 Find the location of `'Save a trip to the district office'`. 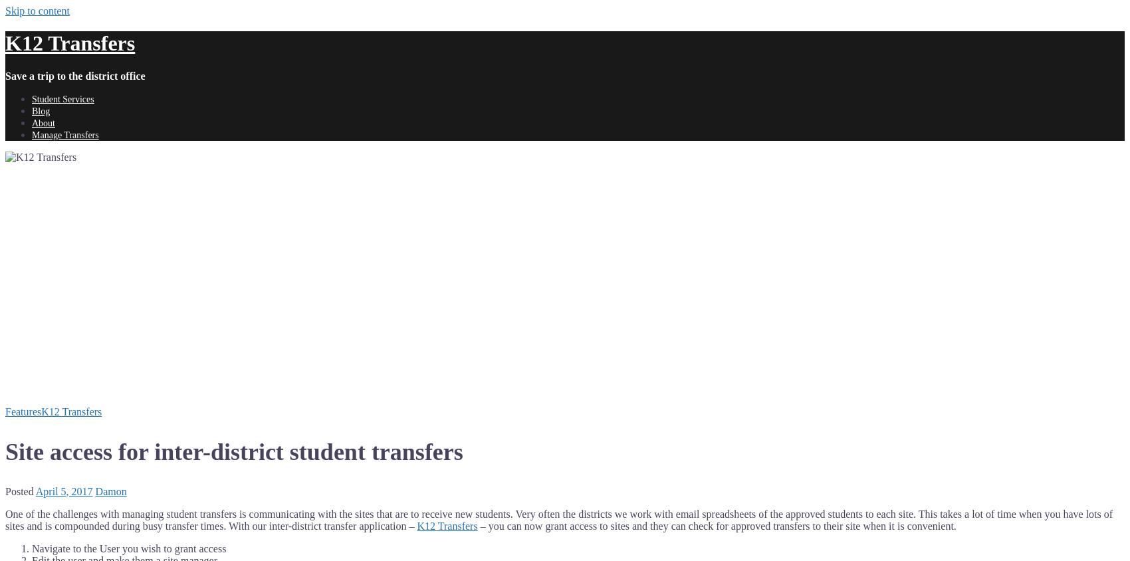

'Save a trip to the district office' is located at coordinates (74, 75).